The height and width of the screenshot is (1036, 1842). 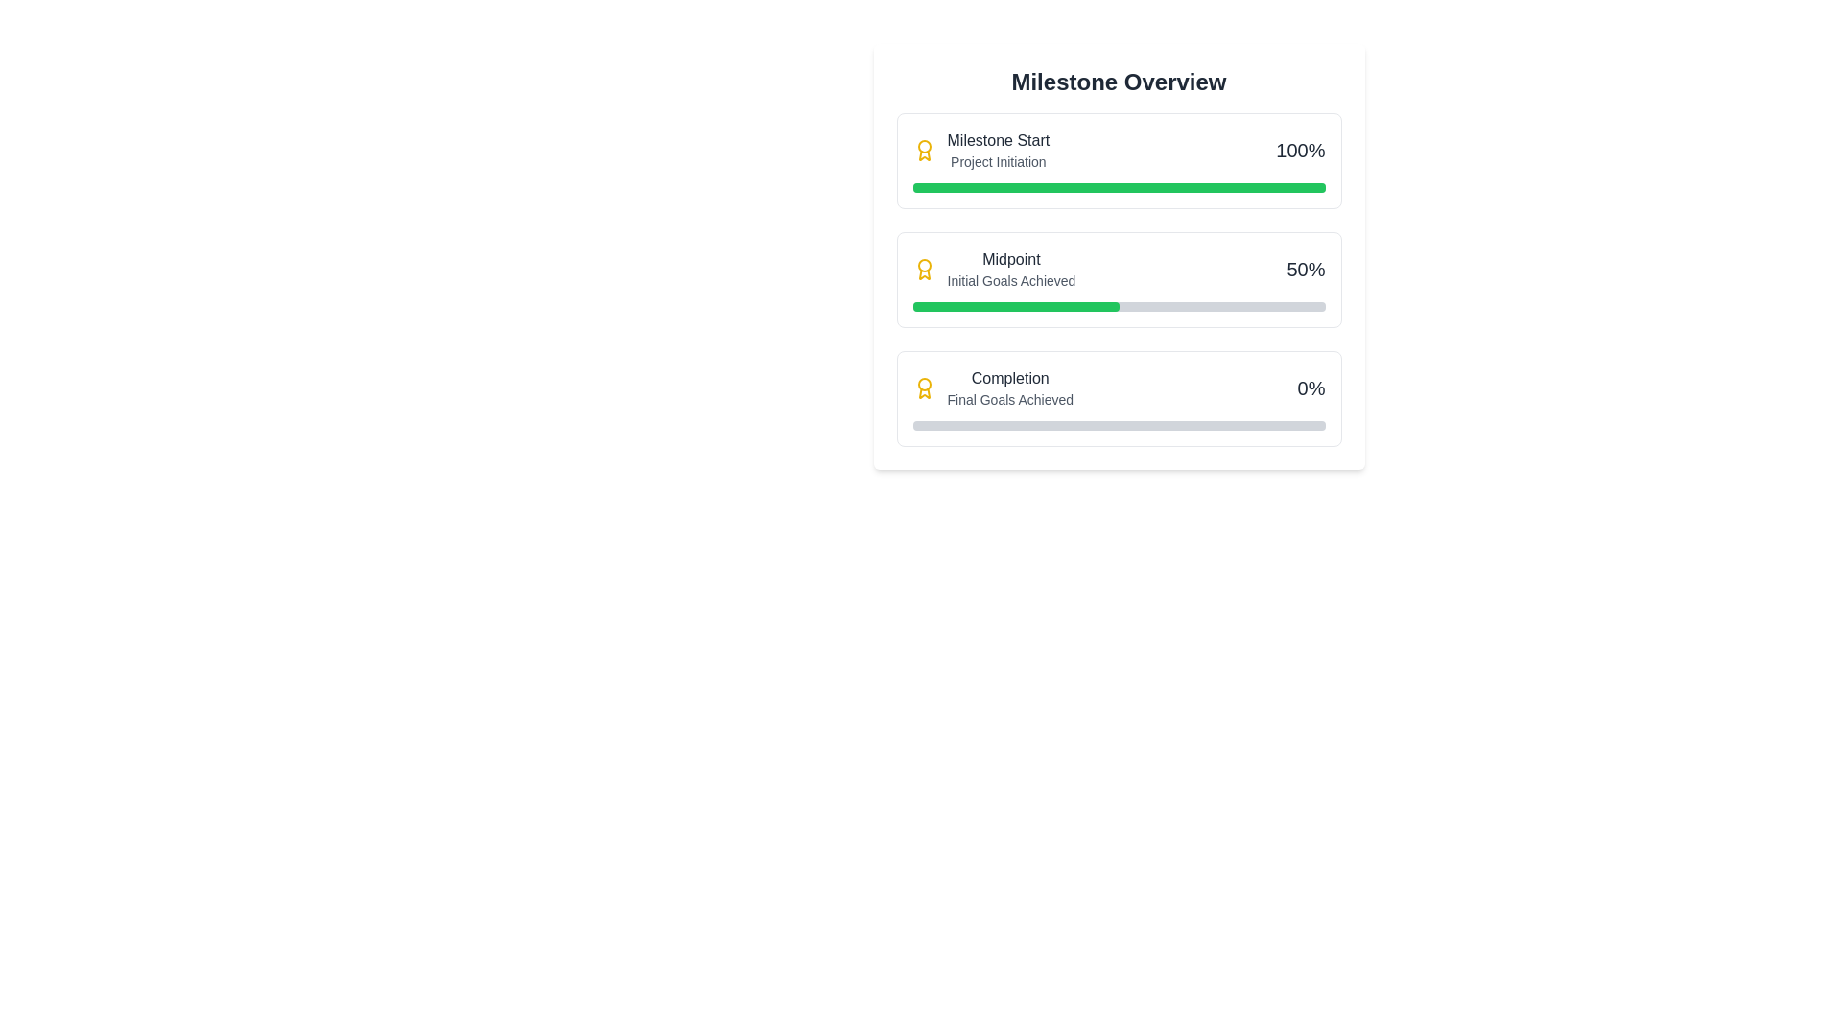 What do you see at coordinates (1119, 81) in the screenshot?
I see `the header element displaying the text 'Milestone Overview', which is located at the top of a light-colored card layout` at bounding box center [1119, 81].